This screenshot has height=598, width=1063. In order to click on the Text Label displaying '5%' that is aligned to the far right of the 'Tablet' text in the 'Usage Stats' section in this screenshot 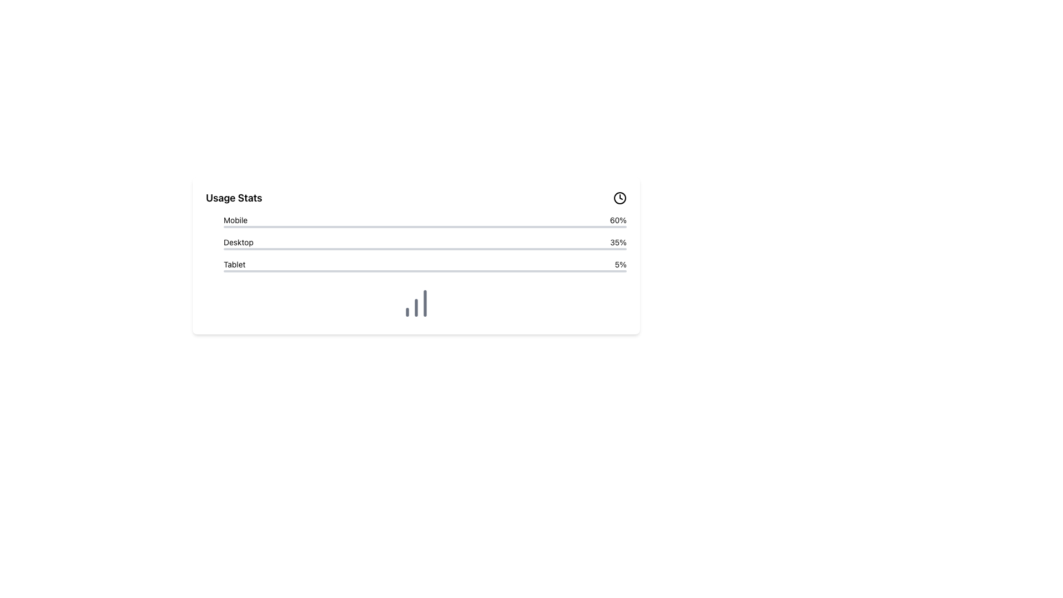, I will do `click(621, 265)`.